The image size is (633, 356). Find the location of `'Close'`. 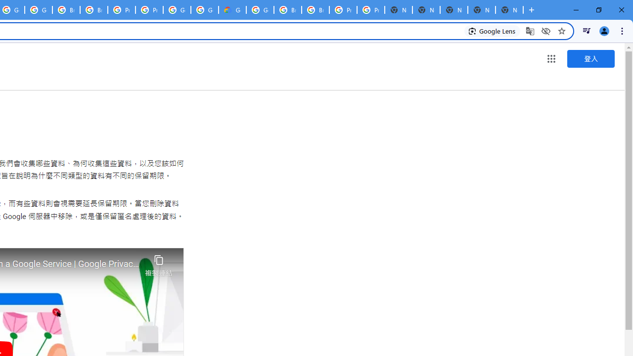

'Close' is located at coordinates (621, 10).